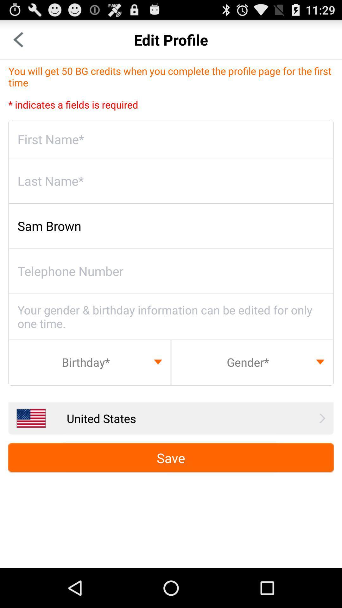 The height and width of the screenshot is (608, 342). I want to click on gender, so click(252, 362).